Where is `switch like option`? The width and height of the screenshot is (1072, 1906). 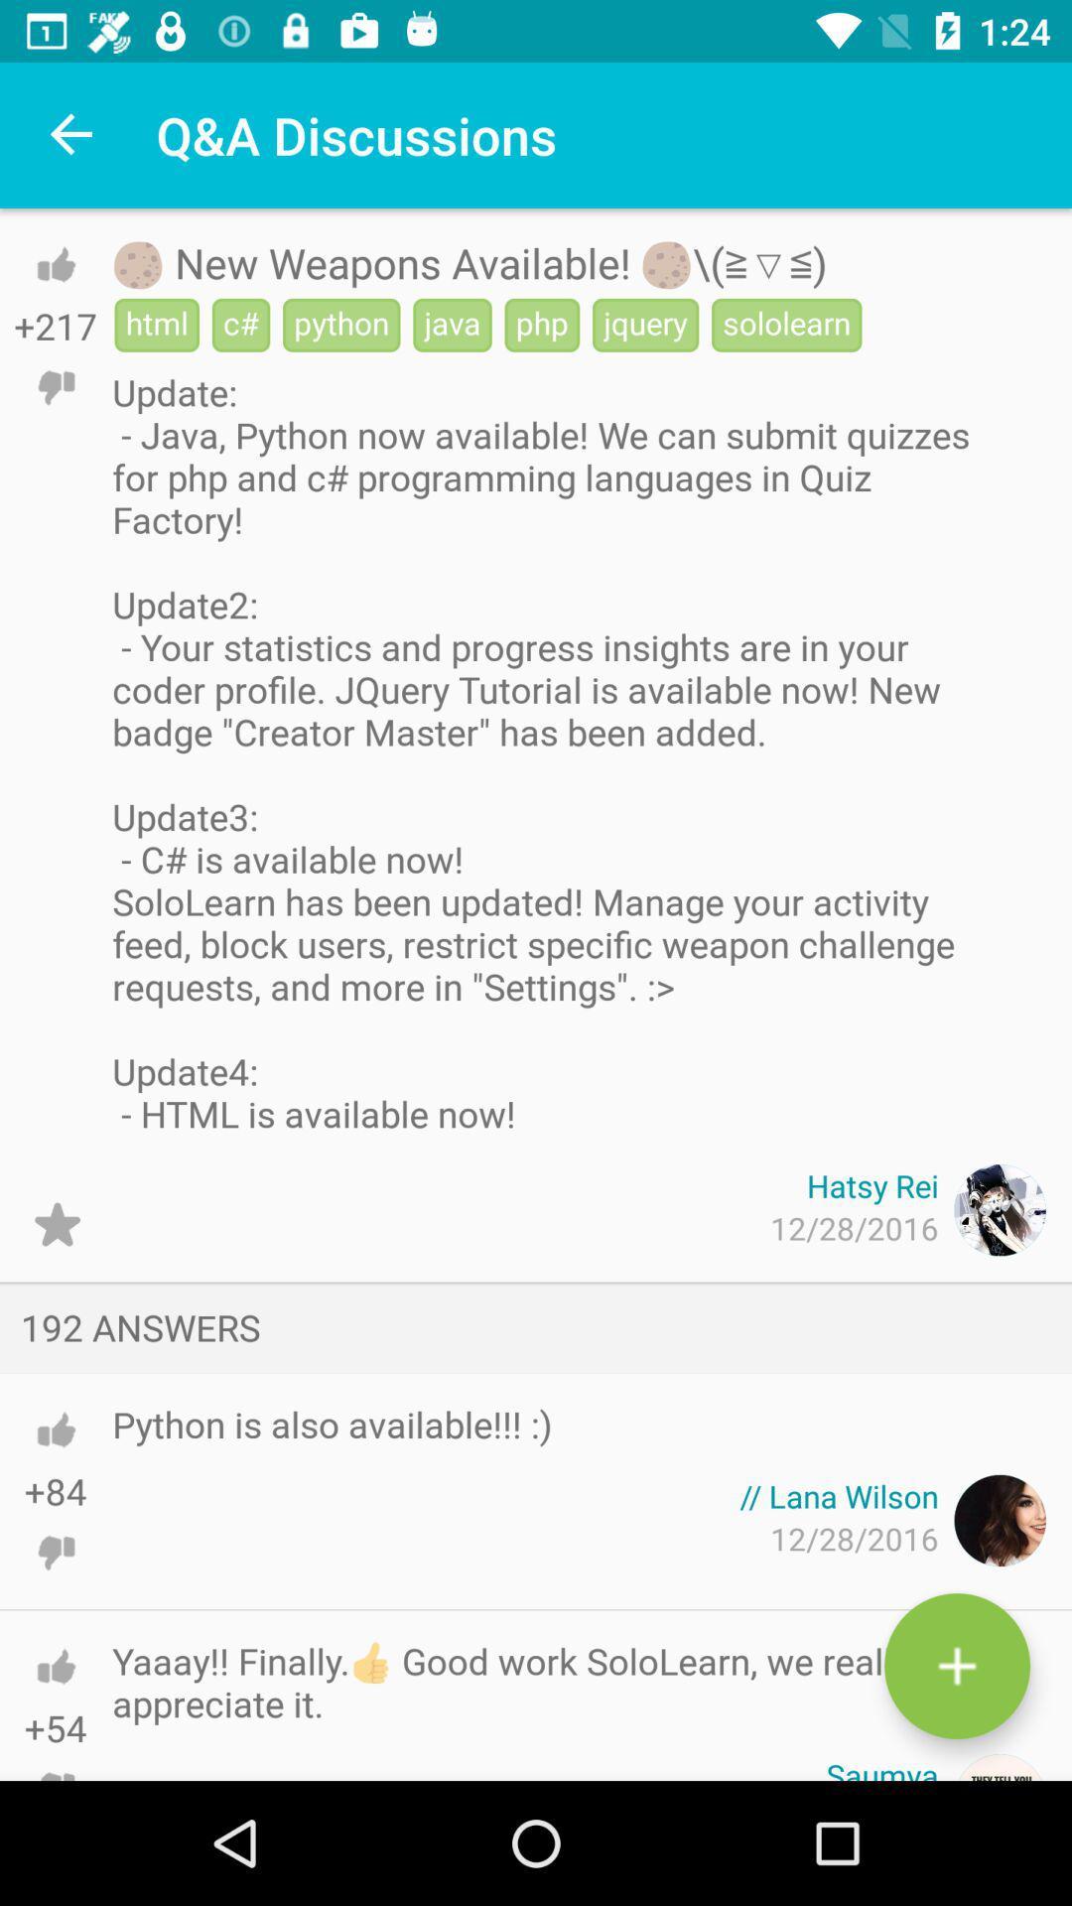 switch like option is located at coordinates (55, 1429).